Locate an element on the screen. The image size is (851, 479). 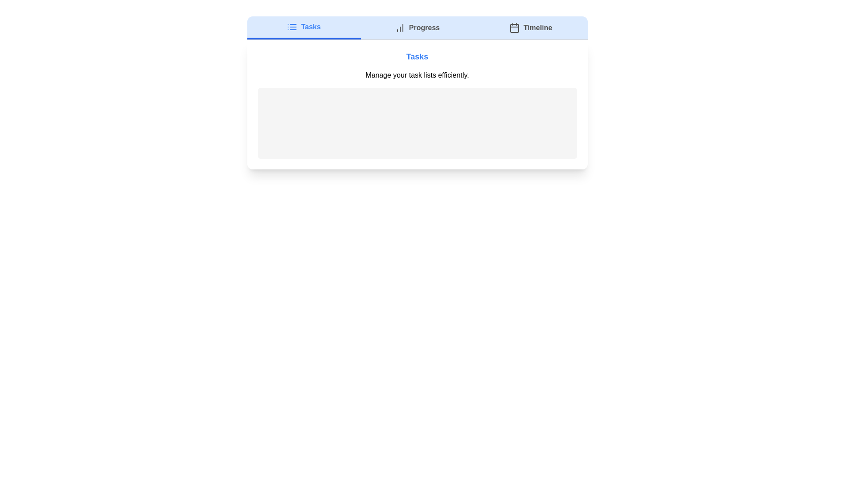
the 'Progress' tab in the three-tab bar which has a light blue background and contains tabs labeled 'Tasks', 'Progress', and 'Timeline' is located at coordinates (417, 27).